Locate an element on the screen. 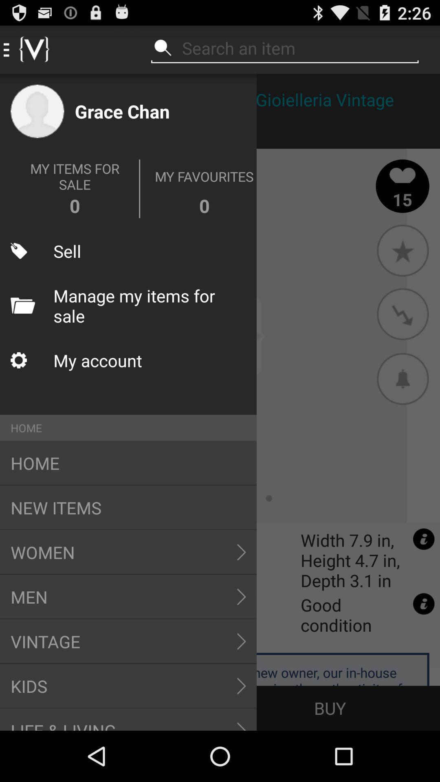  the buy option is located at coordinates (330, 707).